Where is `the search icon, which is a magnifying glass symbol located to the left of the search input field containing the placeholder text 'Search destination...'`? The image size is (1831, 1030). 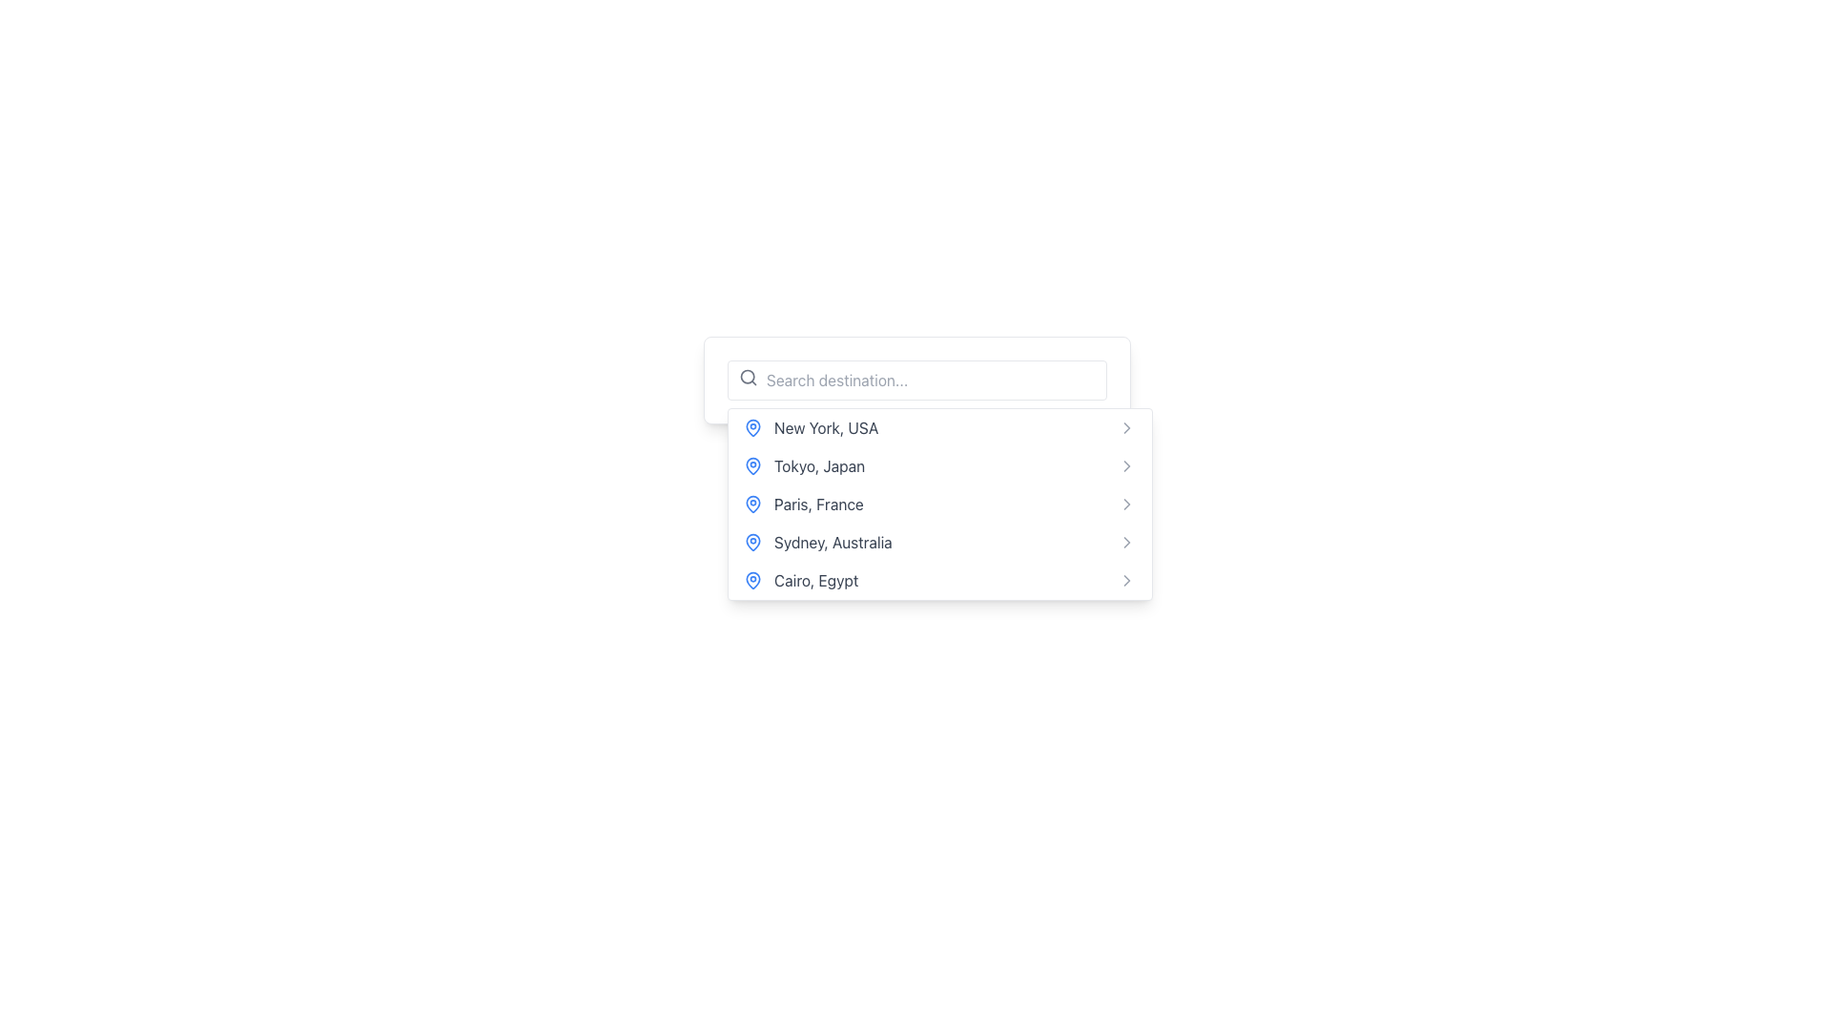
the search icon, which is a magnifying glass symbol located to the left of the search input field containing the placeholder text 'Search destination...' is located at coordinates (748, 378).